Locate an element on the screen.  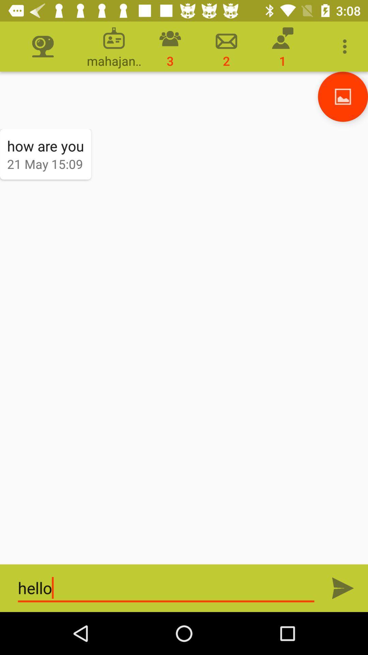
galery is located at coordinates (343, 96).